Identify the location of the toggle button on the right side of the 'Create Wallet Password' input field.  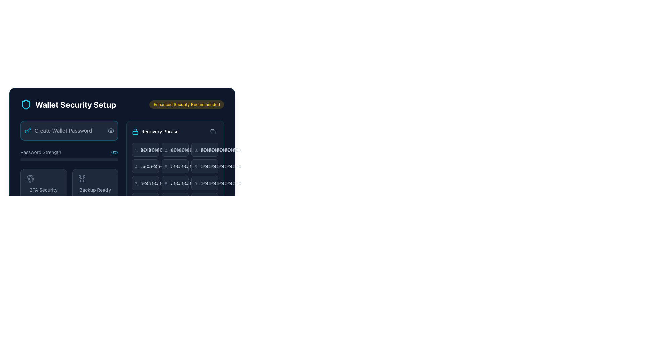
(113, 131).